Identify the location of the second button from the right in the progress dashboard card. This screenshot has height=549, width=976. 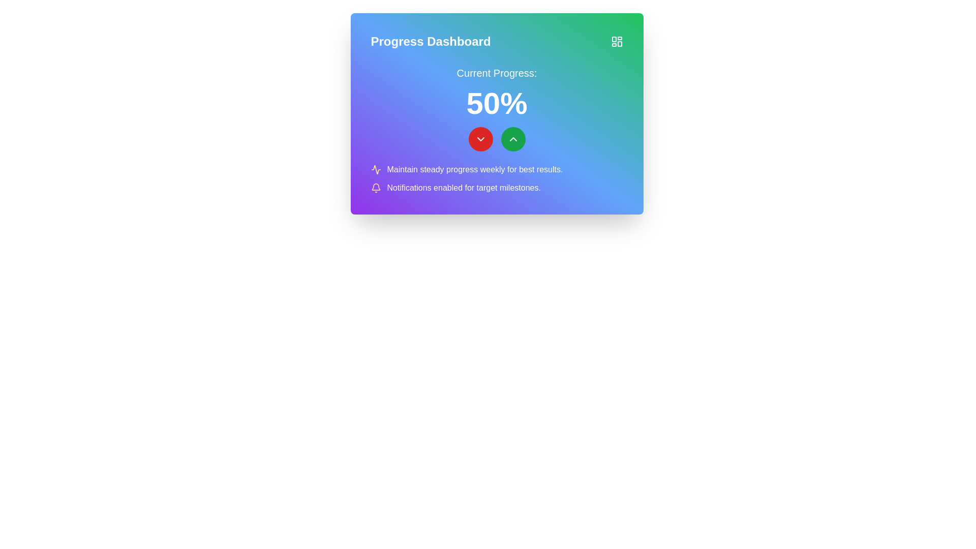
(513, 139).